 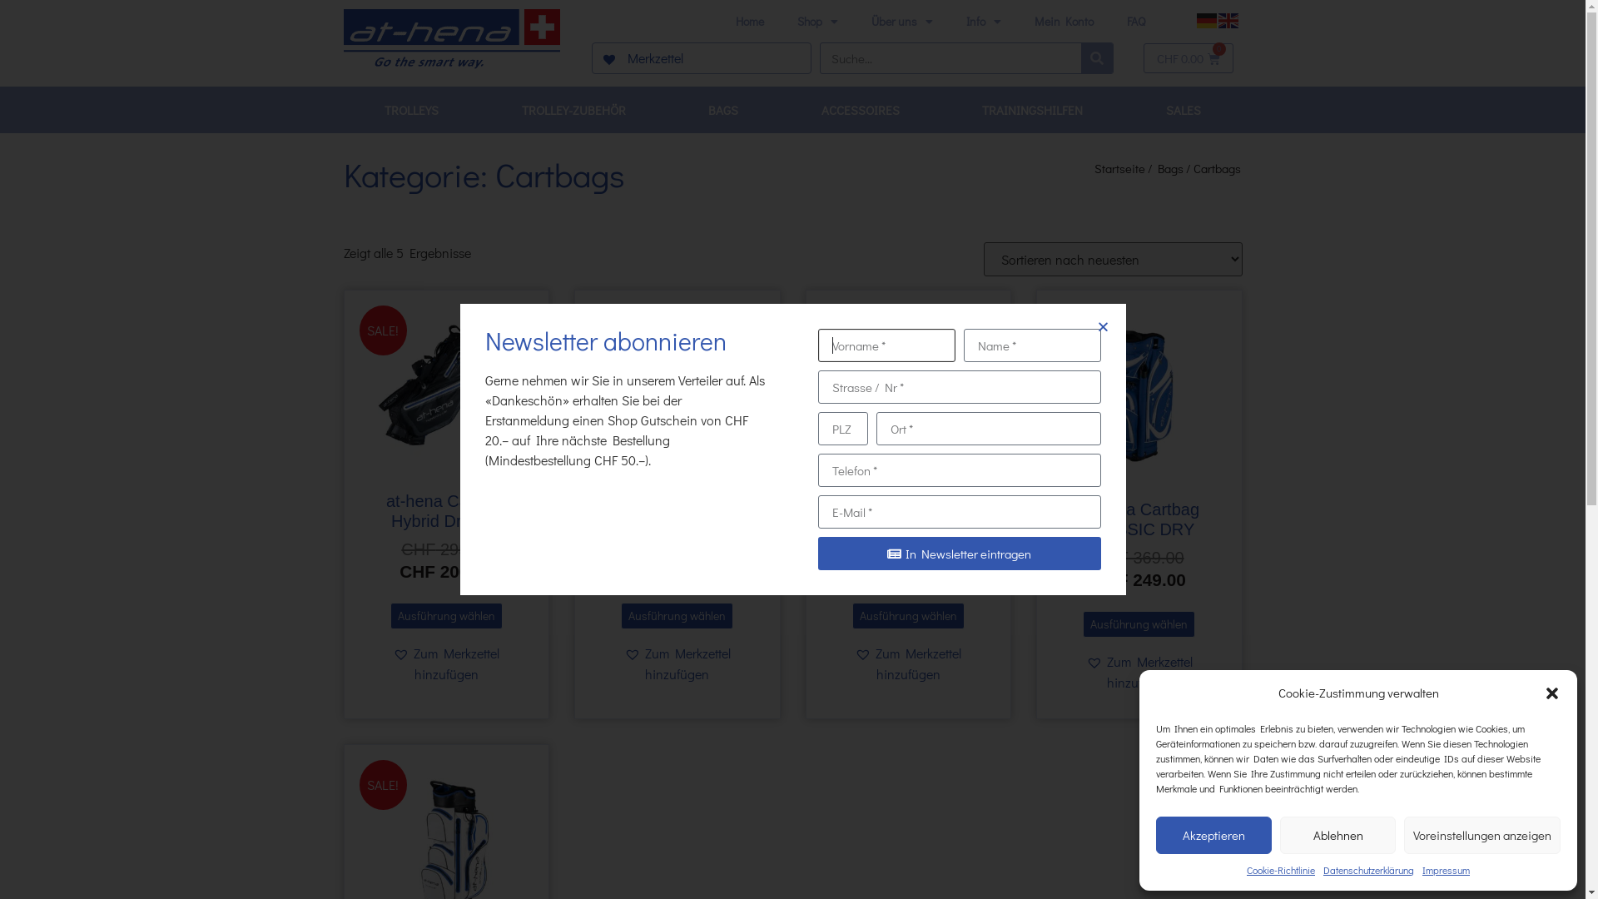 I want to click on 'Cookie-Richtlinie', so click(x=1246, y=869).